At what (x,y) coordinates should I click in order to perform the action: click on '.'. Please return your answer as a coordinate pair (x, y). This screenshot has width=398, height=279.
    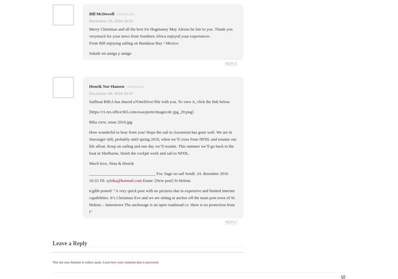
    Looking at the image, I should click on (158, 262).